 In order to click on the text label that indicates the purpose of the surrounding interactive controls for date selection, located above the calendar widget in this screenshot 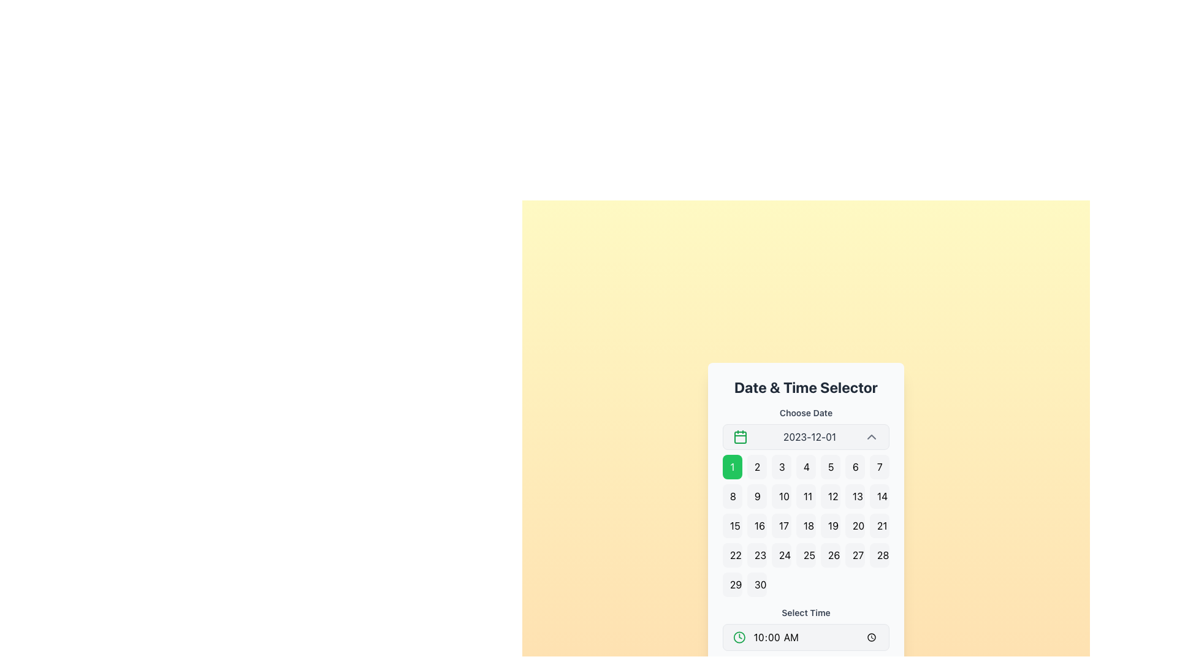, I will do `click(806, 413)`.